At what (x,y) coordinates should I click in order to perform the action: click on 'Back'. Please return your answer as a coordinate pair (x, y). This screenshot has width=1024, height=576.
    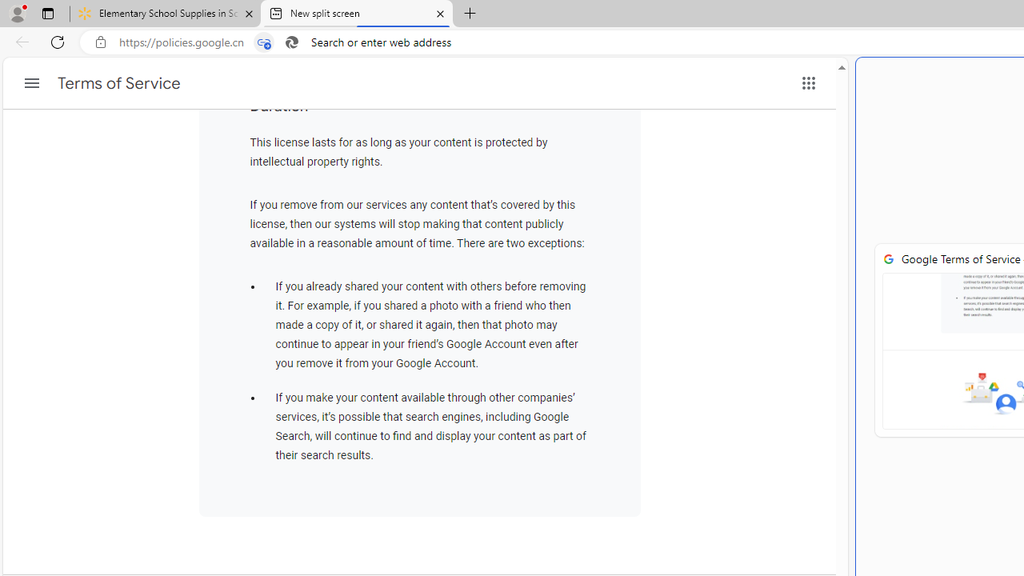
    Looking at the image, I should click on (19, 41).